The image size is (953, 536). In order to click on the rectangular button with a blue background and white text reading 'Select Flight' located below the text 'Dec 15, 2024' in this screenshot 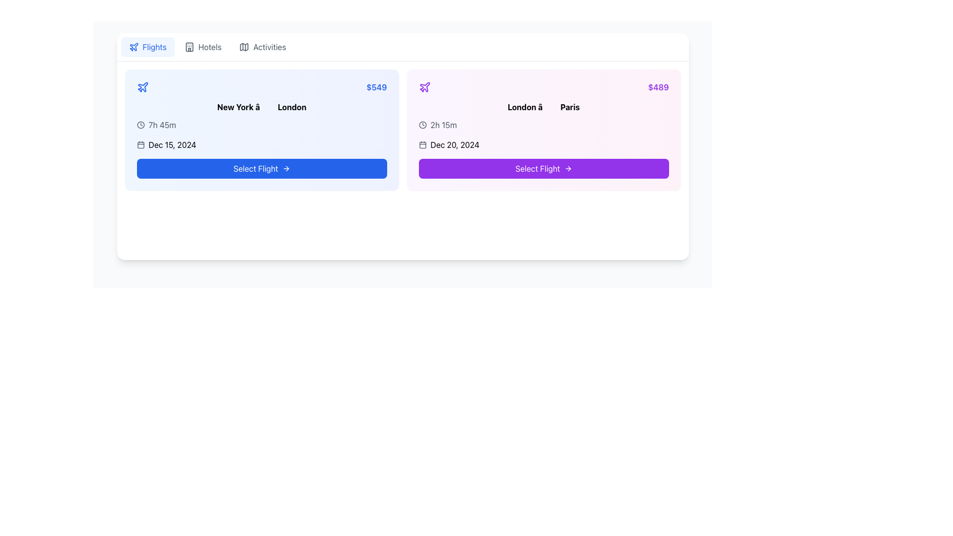, I will do `click(262, 168)`.